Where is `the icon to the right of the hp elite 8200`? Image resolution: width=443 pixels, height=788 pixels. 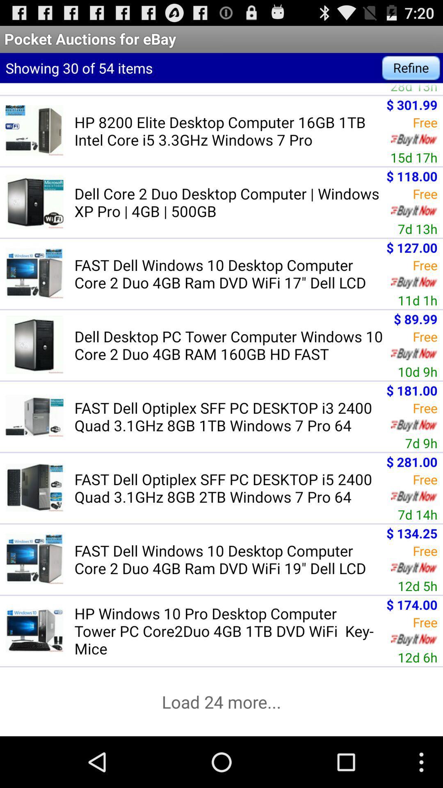
the icon to the right of the hp elite 8200 is located at coordinates (414, 89).